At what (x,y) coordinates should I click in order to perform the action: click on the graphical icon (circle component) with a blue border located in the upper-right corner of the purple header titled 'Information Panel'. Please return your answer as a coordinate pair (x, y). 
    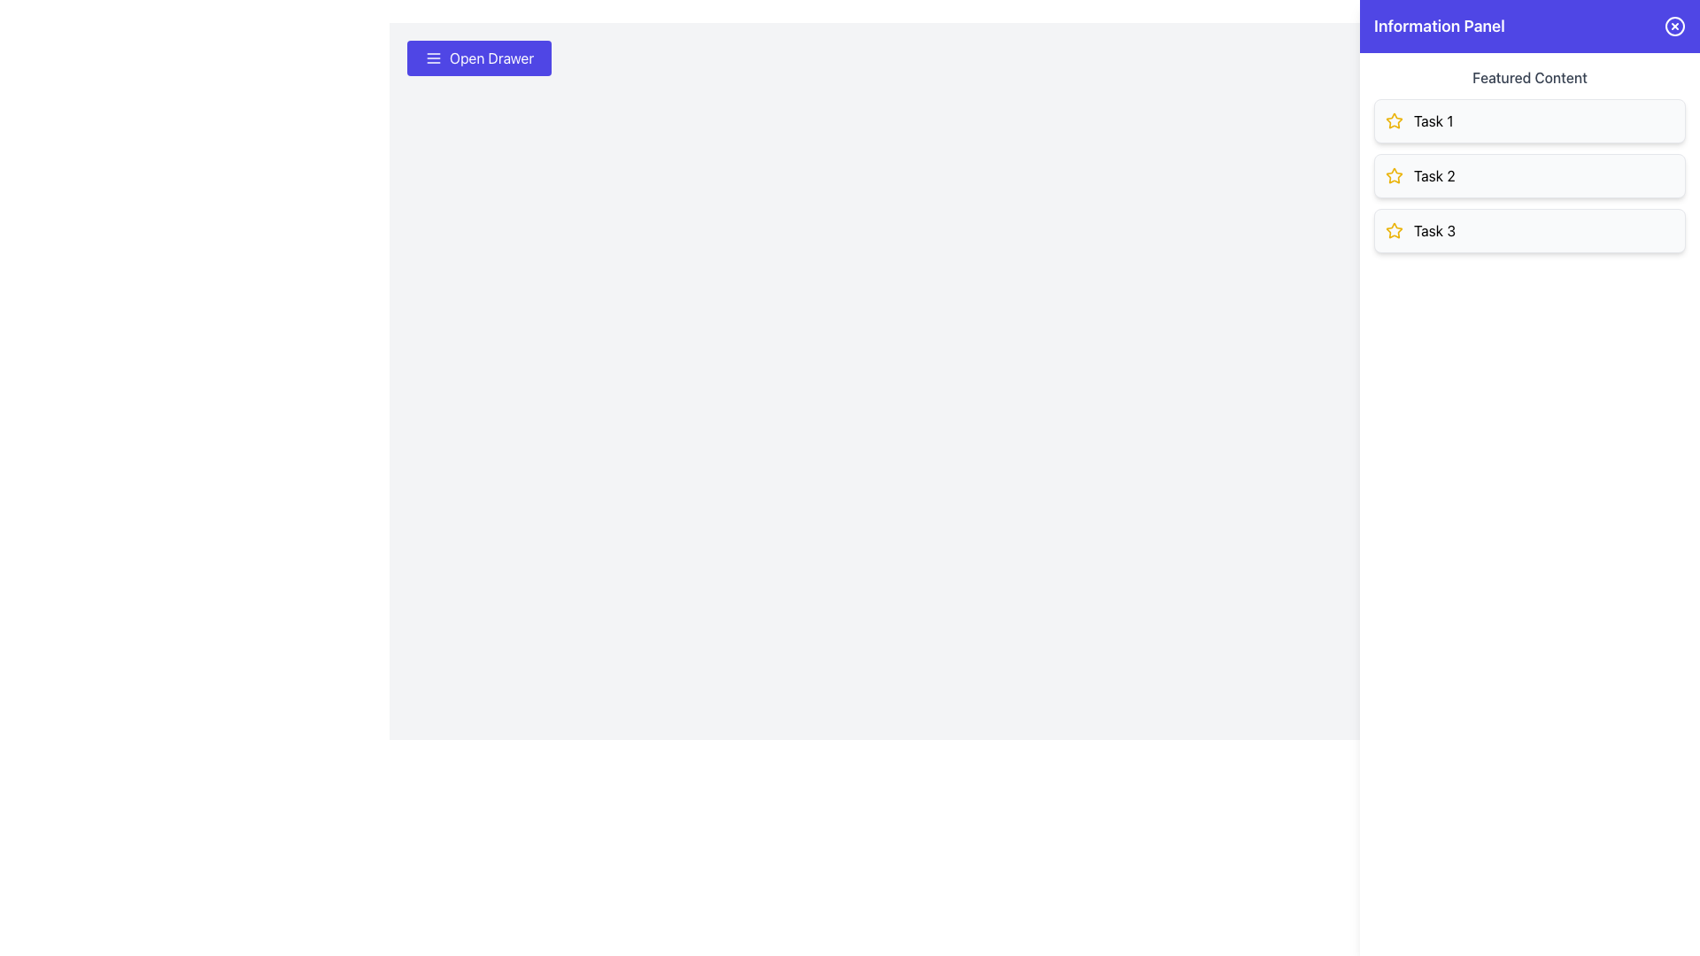
    Looking at the image, I should click on (1673, 27).